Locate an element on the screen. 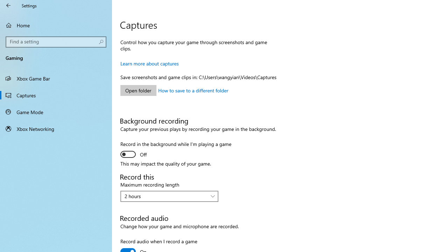 The image size is (448, 252). '2 hours' is located at coordinates (165, 196).